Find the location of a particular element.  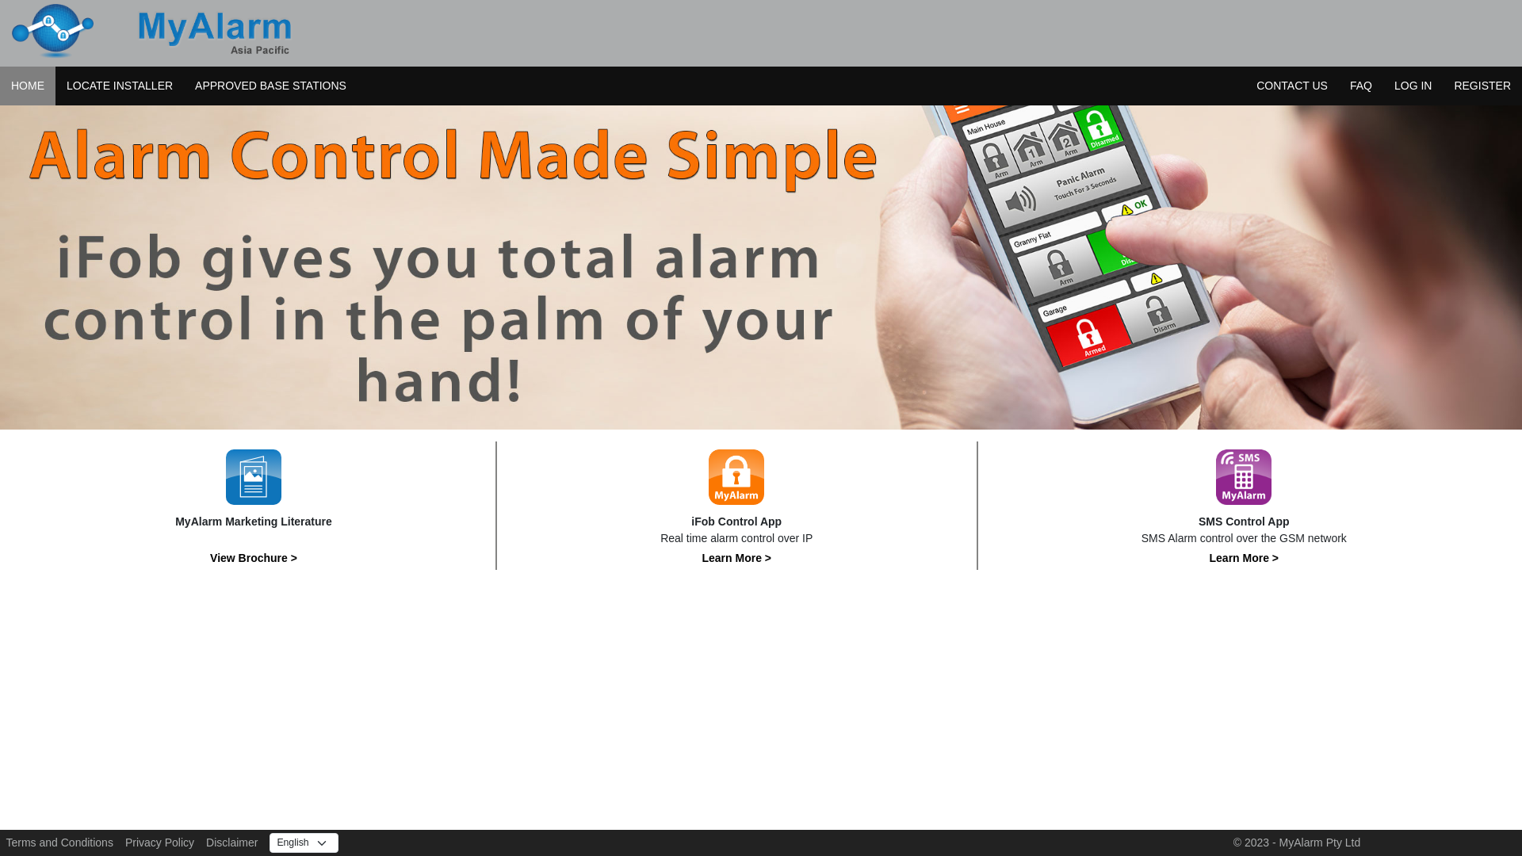

'APPROVED BASE STATIONS' is located at coordinates (183, 86).